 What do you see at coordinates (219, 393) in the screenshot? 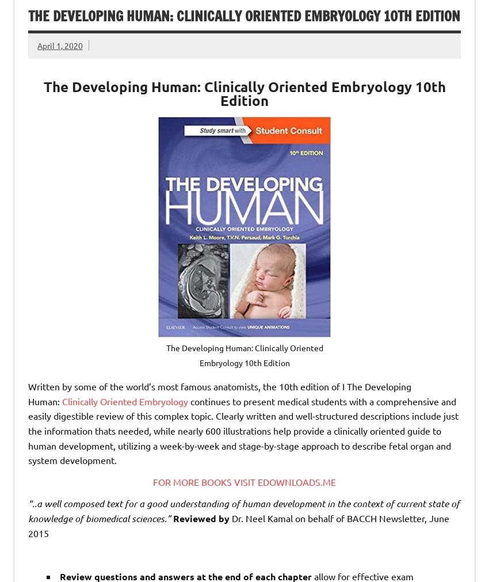
I see `'Written by some of the world’s most famous anatomists, the 10th edition of I The Developing Human:'` at bounding box center [219, 393].